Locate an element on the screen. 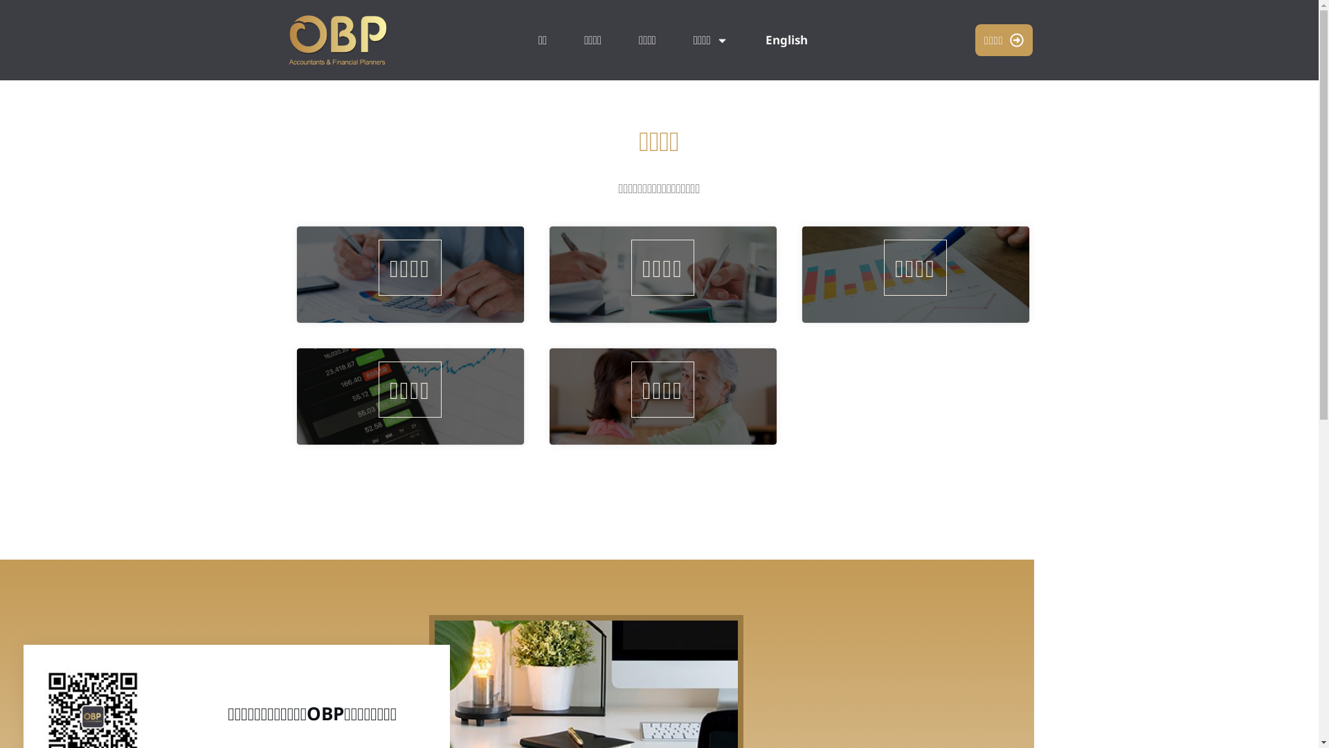 The height and width of the screenshot is (748, 1329). 'English' is located at coordinates (786, 39).